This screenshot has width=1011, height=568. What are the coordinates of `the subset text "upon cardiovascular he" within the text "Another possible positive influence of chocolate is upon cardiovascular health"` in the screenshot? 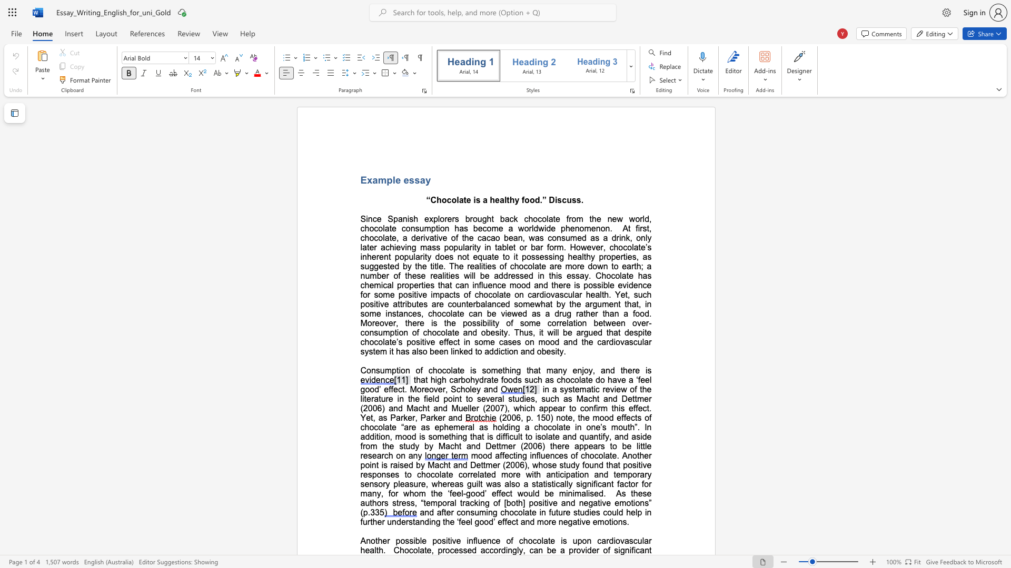 It's located at (572, 541).